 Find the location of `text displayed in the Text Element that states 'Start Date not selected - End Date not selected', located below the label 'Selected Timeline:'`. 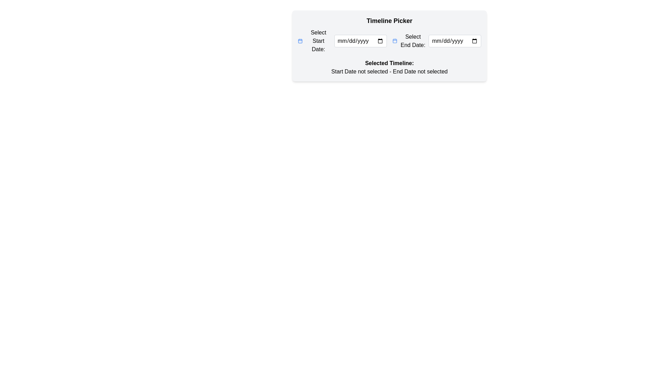

text displayed in the Text Element that states 'Start Date not selected - End Date not selected', located below the label 'Selected Timeline:' is located at coordinates (389, 71).